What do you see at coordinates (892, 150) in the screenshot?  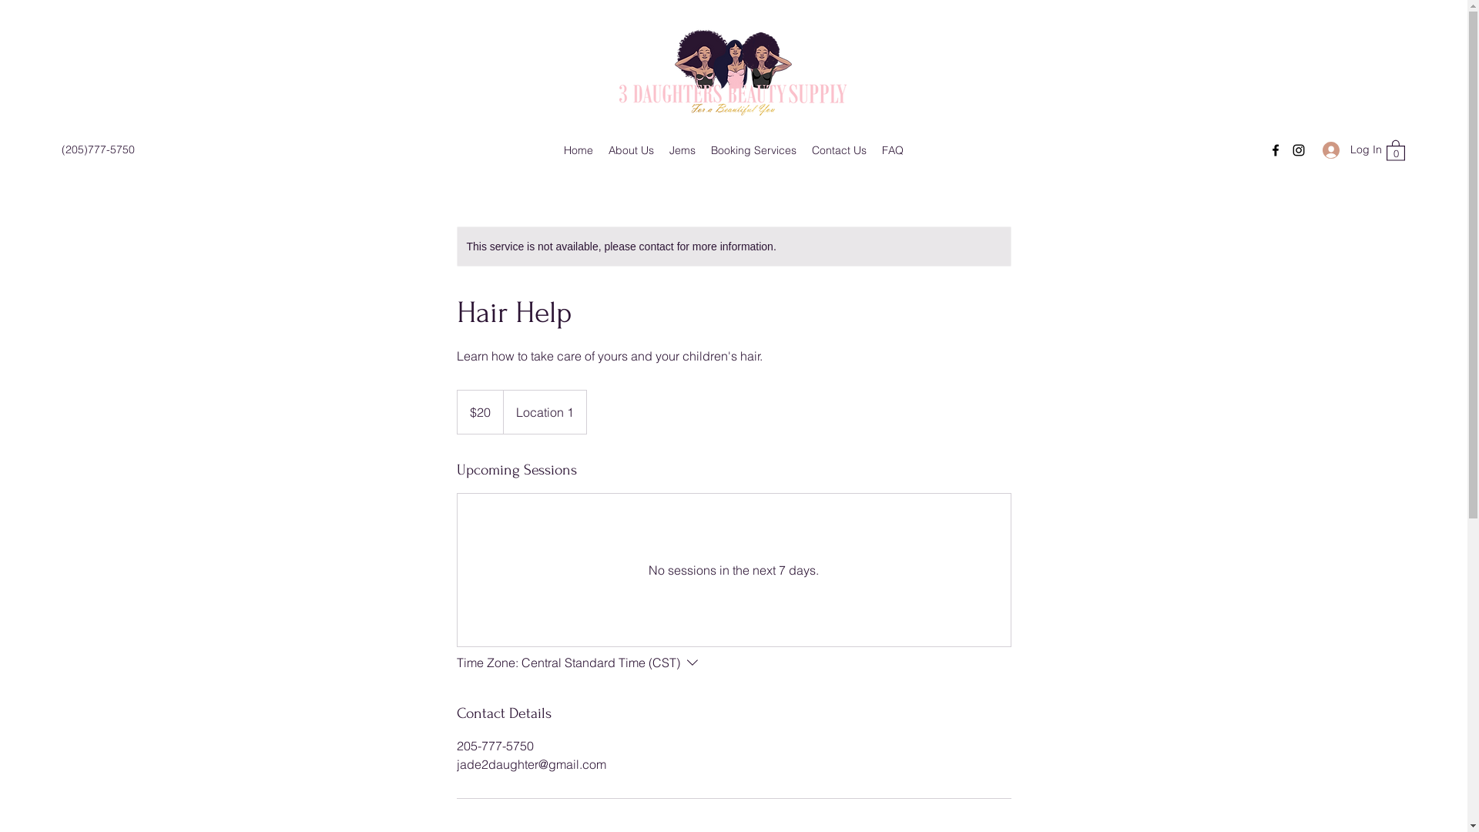 I see `'FAQ'` at bounding box center [892, 150].